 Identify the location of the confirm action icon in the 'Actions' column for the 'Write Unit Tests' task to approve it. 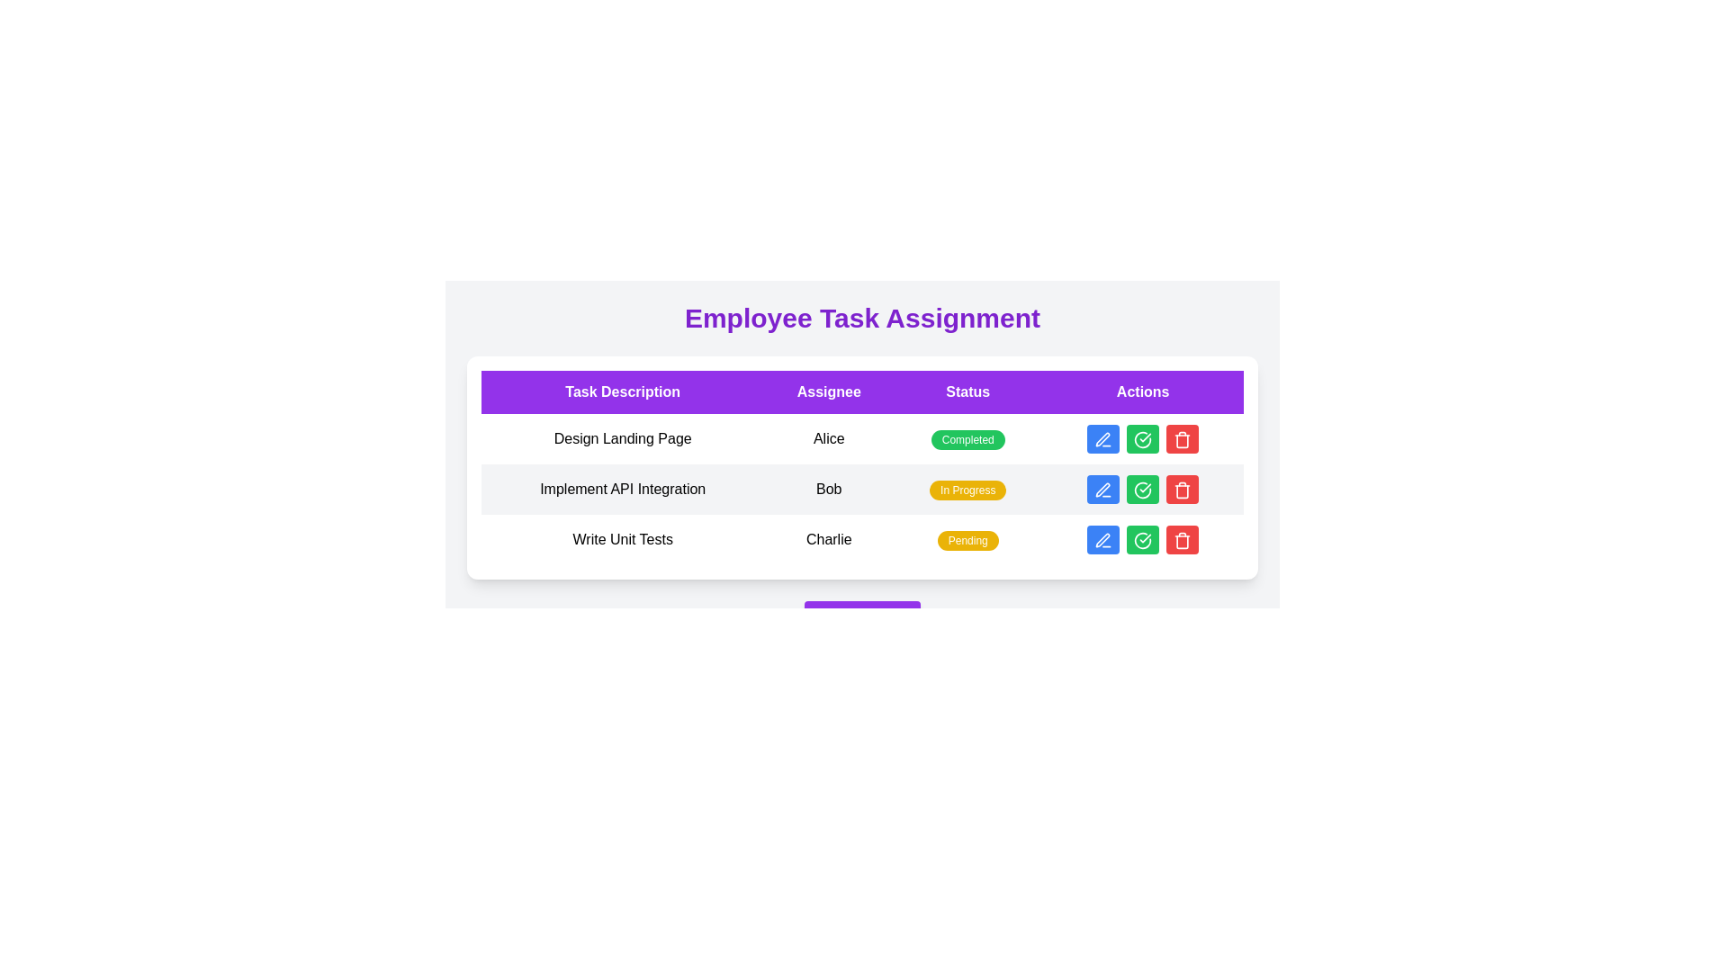
(1142, 539).